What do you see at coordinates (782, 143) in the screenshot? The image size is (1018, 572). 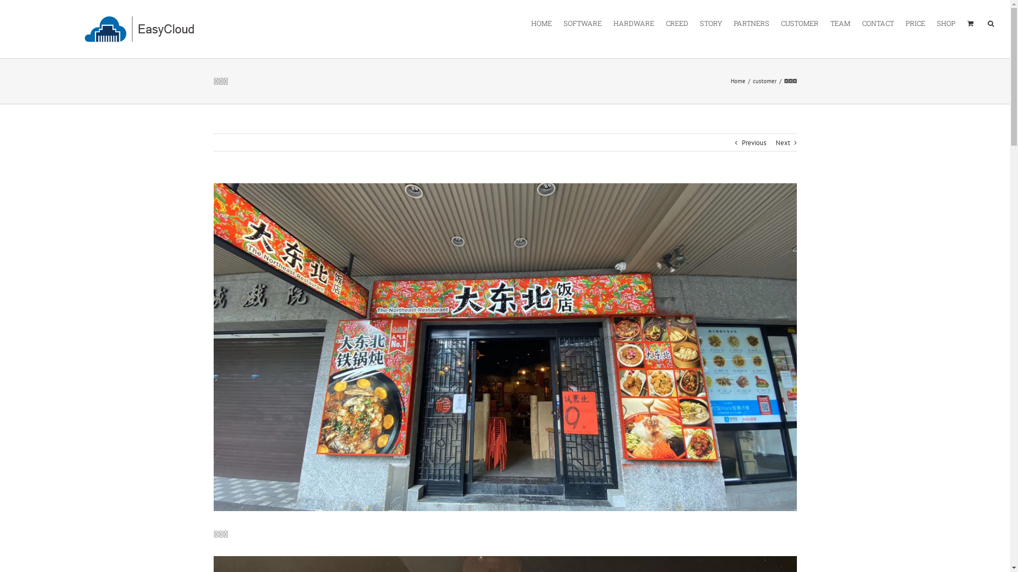 I see `'Next'` at bounding box center [782, 143].